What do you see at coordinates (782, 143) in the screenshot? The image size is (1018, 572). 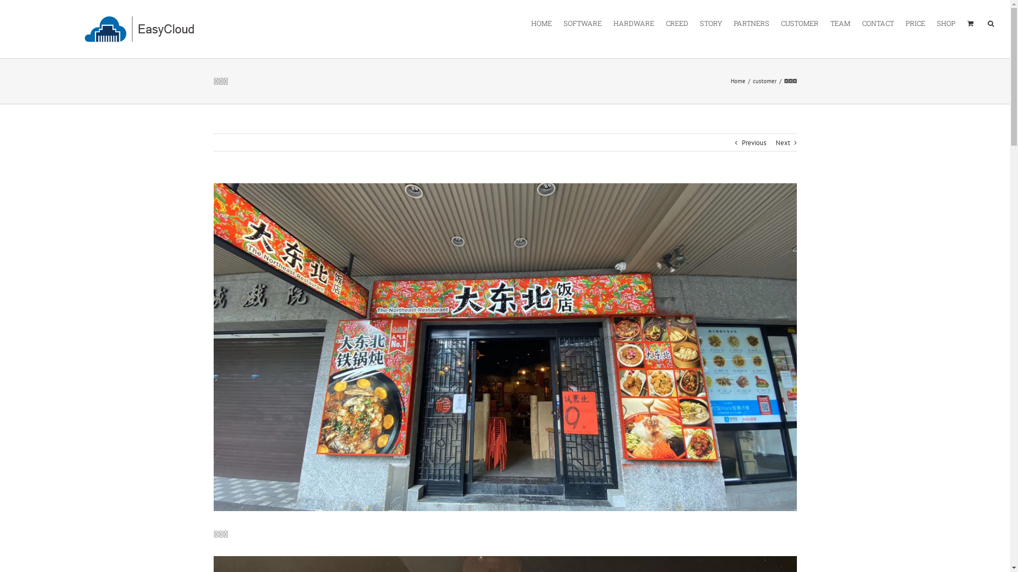 I see `'Next'` at bounding box center [782, 143].